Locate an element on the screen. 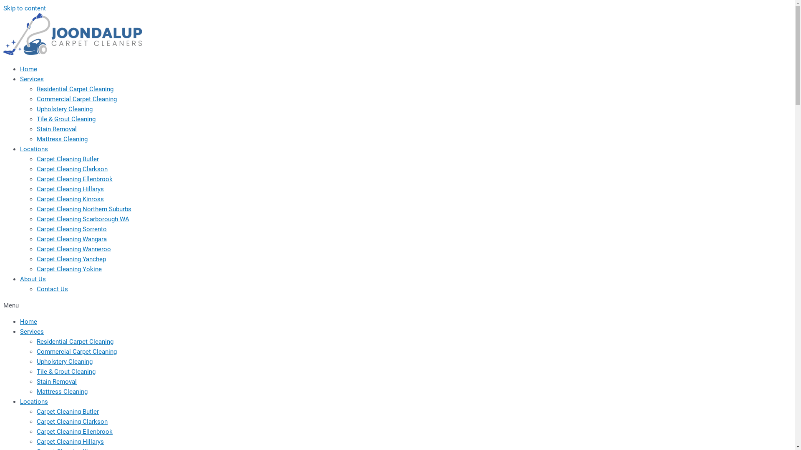 This screenshot has height=450, width=801. 'Skip to content' is located at coordinates (24, 8).